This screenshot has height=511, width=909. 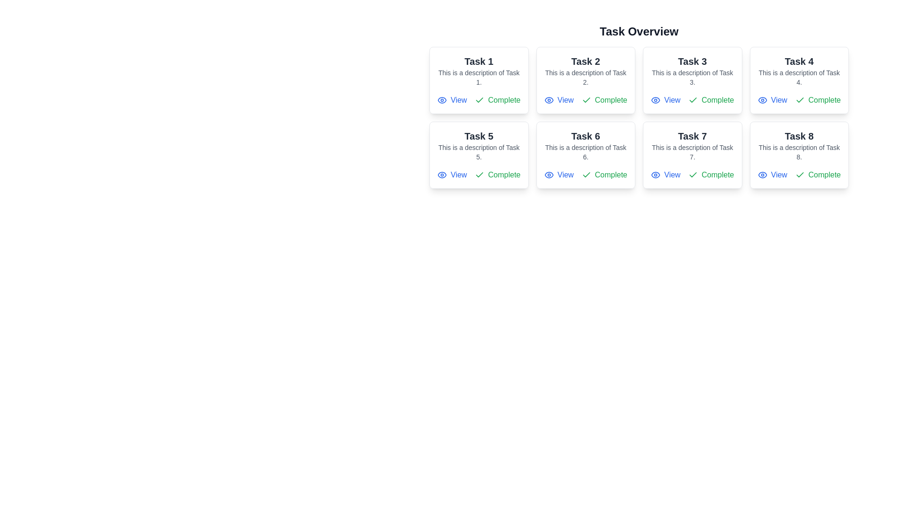 I want to click on the leftmost sub-component of the 'View' icon within the fourth task card in the top-right section of the task cards, so click(x=762, y=100).